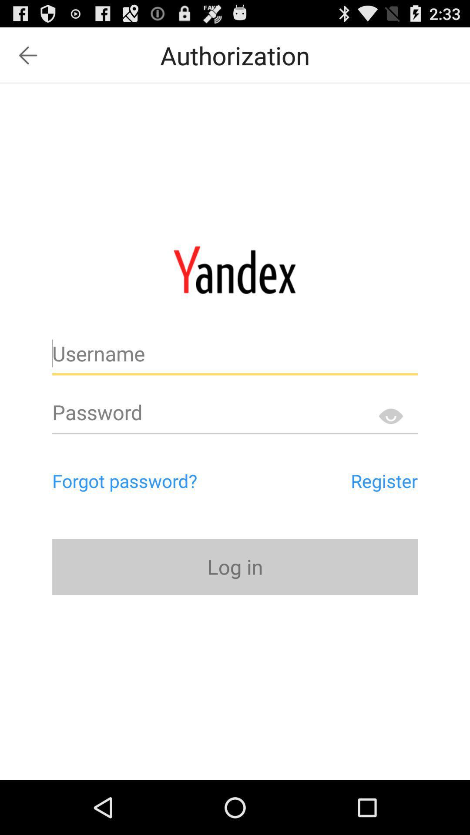 The image size is (470, 835). I want to click on icon to the left of the authorization, so click(27, 55).